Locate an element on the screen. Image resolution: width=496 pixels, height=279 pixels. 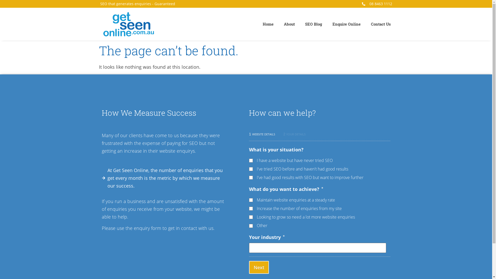
'Enquire Online' is located at coordinates (346, 24).